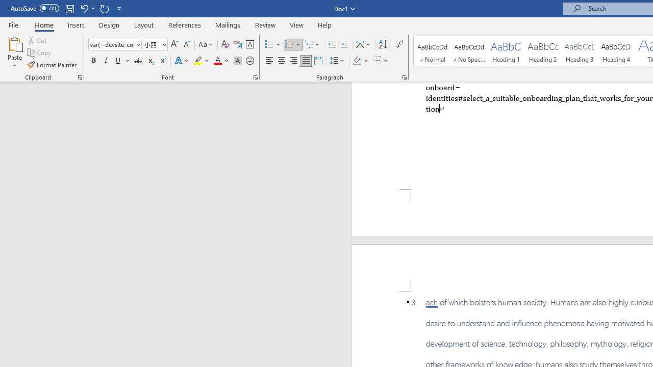 This screenshot has width=653, height=367. Describe the element at coordinates (87, 8) in the screenshot. I see `'Undo Apply Quick Style'` at that location.